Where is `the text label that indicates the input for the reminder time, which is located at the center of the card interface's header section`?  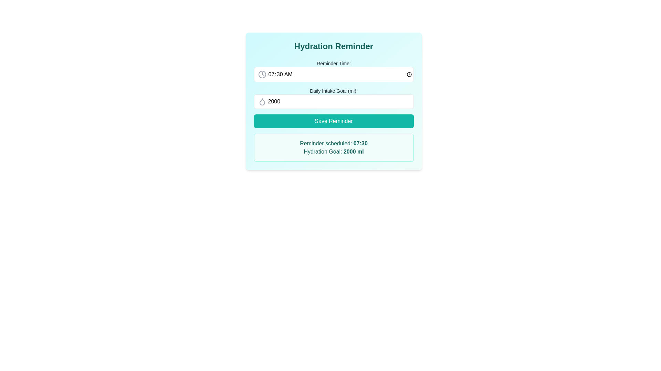
the text label that indicates the input for the reminder time, which is located at the center of the card interface's header section is located at coordinates (334, 64).